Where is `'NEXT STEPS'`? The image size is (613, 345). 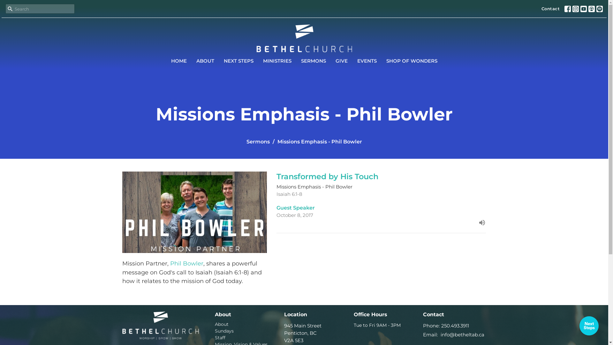
'NEXT STEPS' is located at coordinates (238, 61).